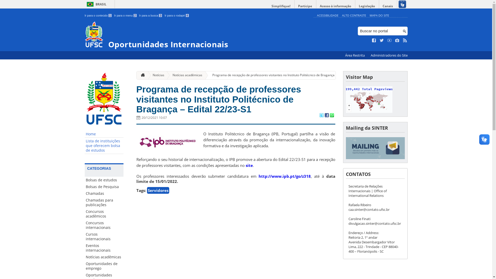 Image resolution: width=496 pixels, height=279 pixels. I want to click on 'MAPA DO SITE', so click(379, 15).